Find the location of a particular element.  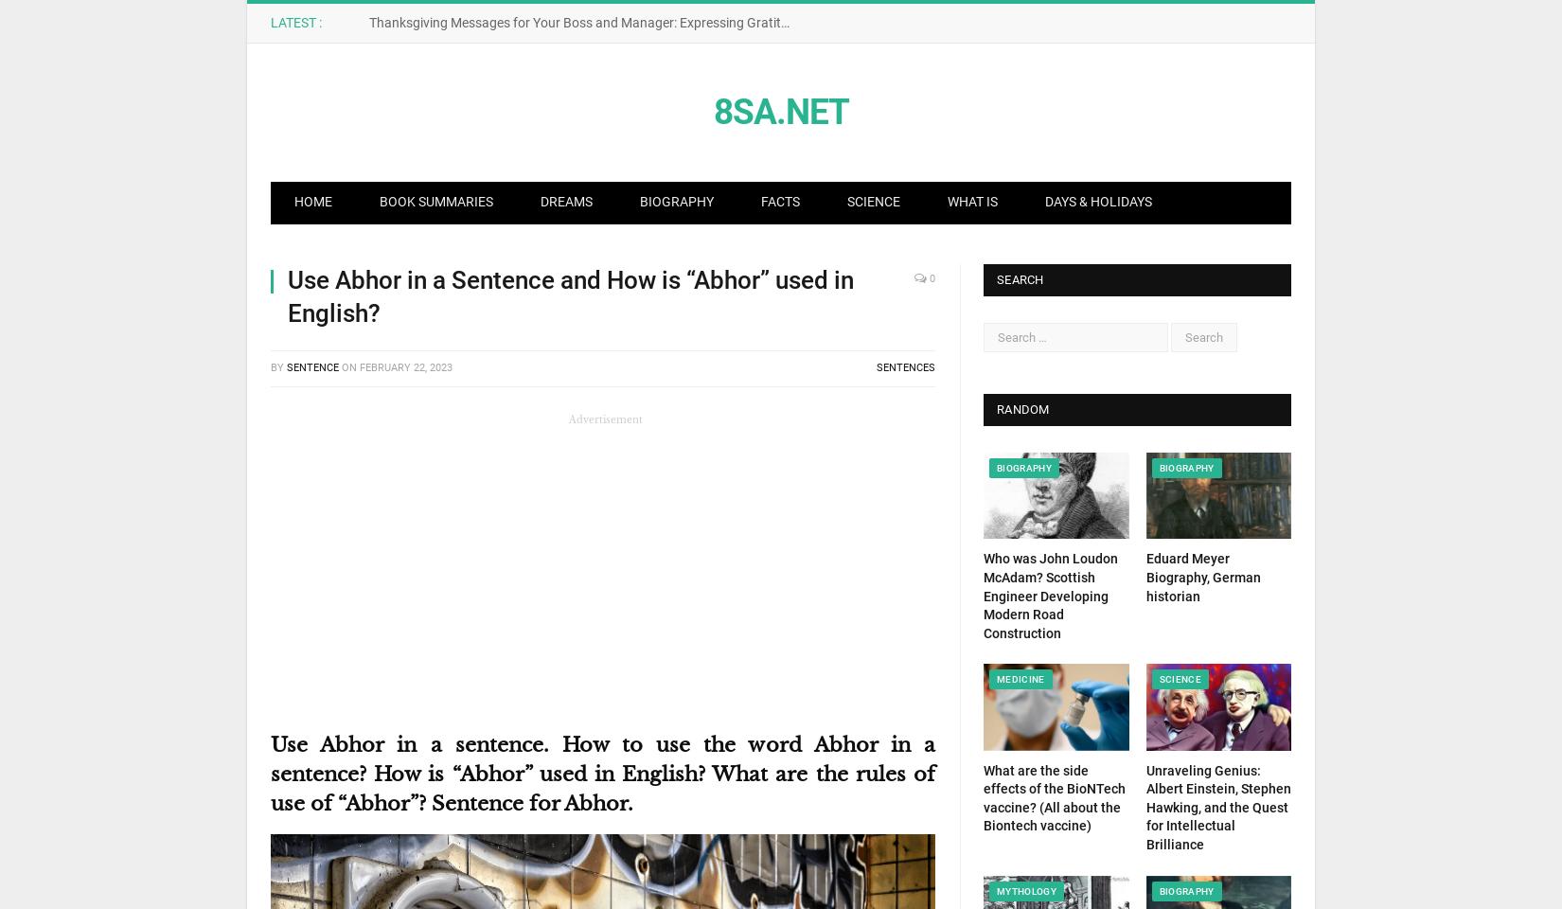

'Use Abhor in a sentence. How to use the word Abhor in a sentence? How is “Abhor” used in English? What are the rules of use of “Abhor”? Sentence for Abhor.' is located at coordinates (602, 773).